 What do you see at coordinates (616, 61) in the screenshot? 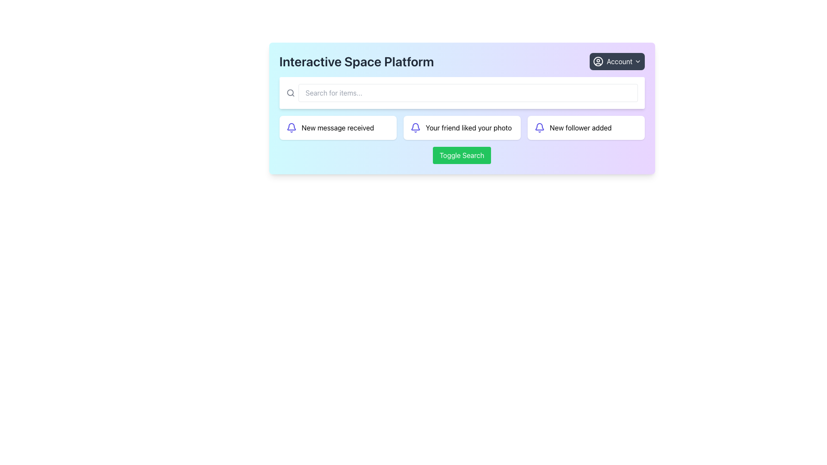
I see `the 'Account' button, which has a dark background and includes a user profile icon and a downward chevron` at bounding box center [616, 61].